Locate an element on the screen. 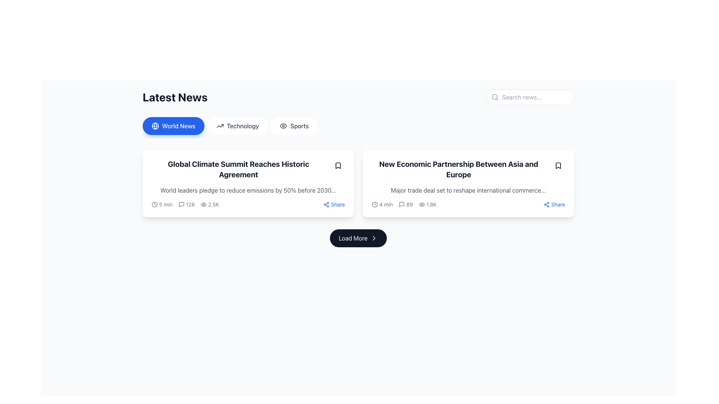 This screenshot has height=404, width=719. the 'Technology' category selector button located in the horizontally scrollable row below the 'Latest News' heading is located at coordinates (237, 125).